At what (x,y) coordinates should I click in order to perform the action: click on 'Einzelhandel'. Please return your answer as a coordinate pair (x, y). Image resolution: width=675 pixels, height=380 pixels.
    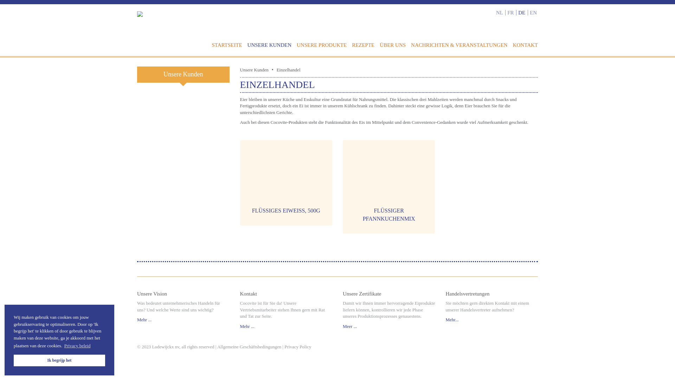
    Looking at the image, I should click on (276, 70).